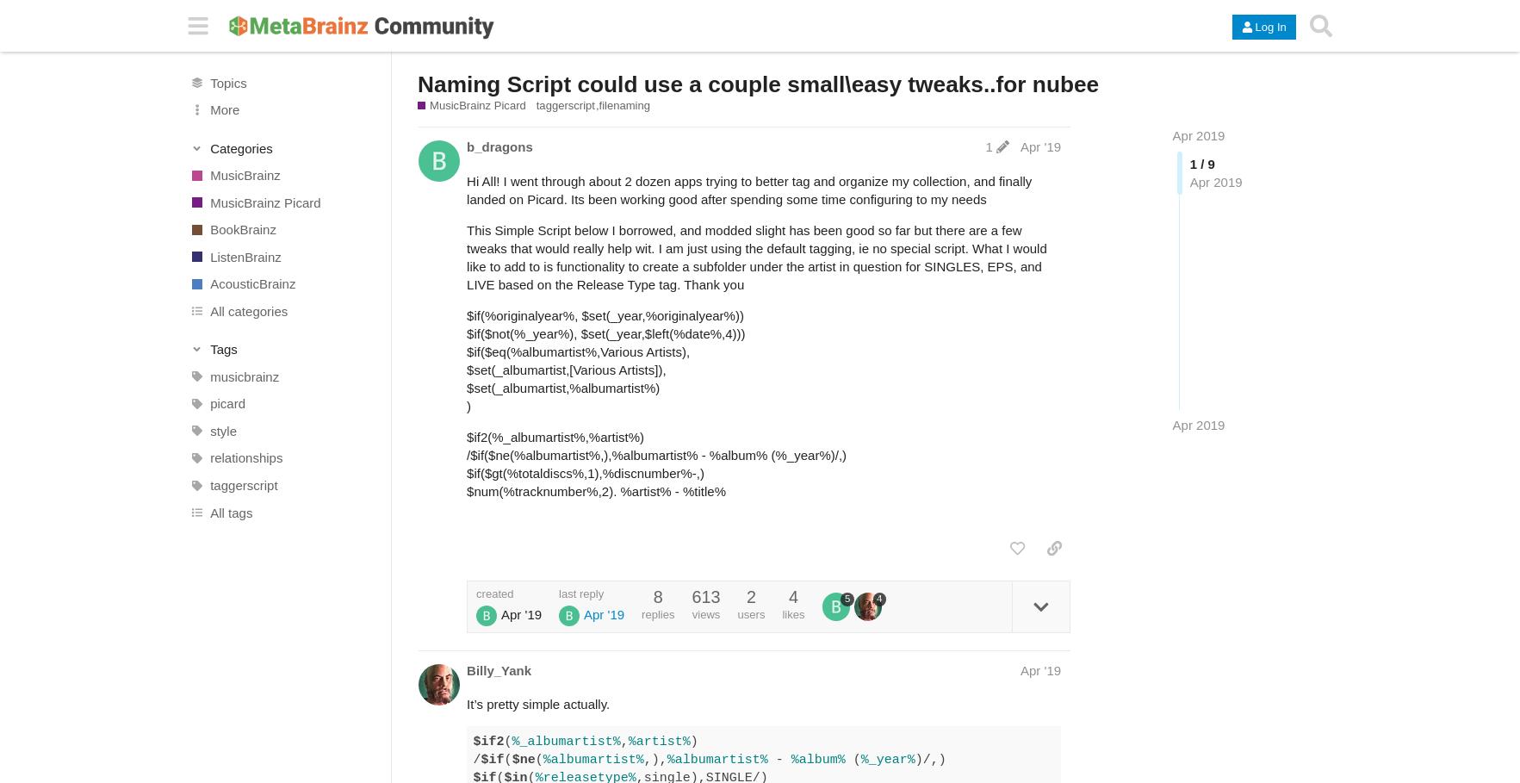 This screenshot has height=783, width=1520. Describe the element at coordinates (564, 740) in the screenshot. I see `'%_albumartist%'` at that location.